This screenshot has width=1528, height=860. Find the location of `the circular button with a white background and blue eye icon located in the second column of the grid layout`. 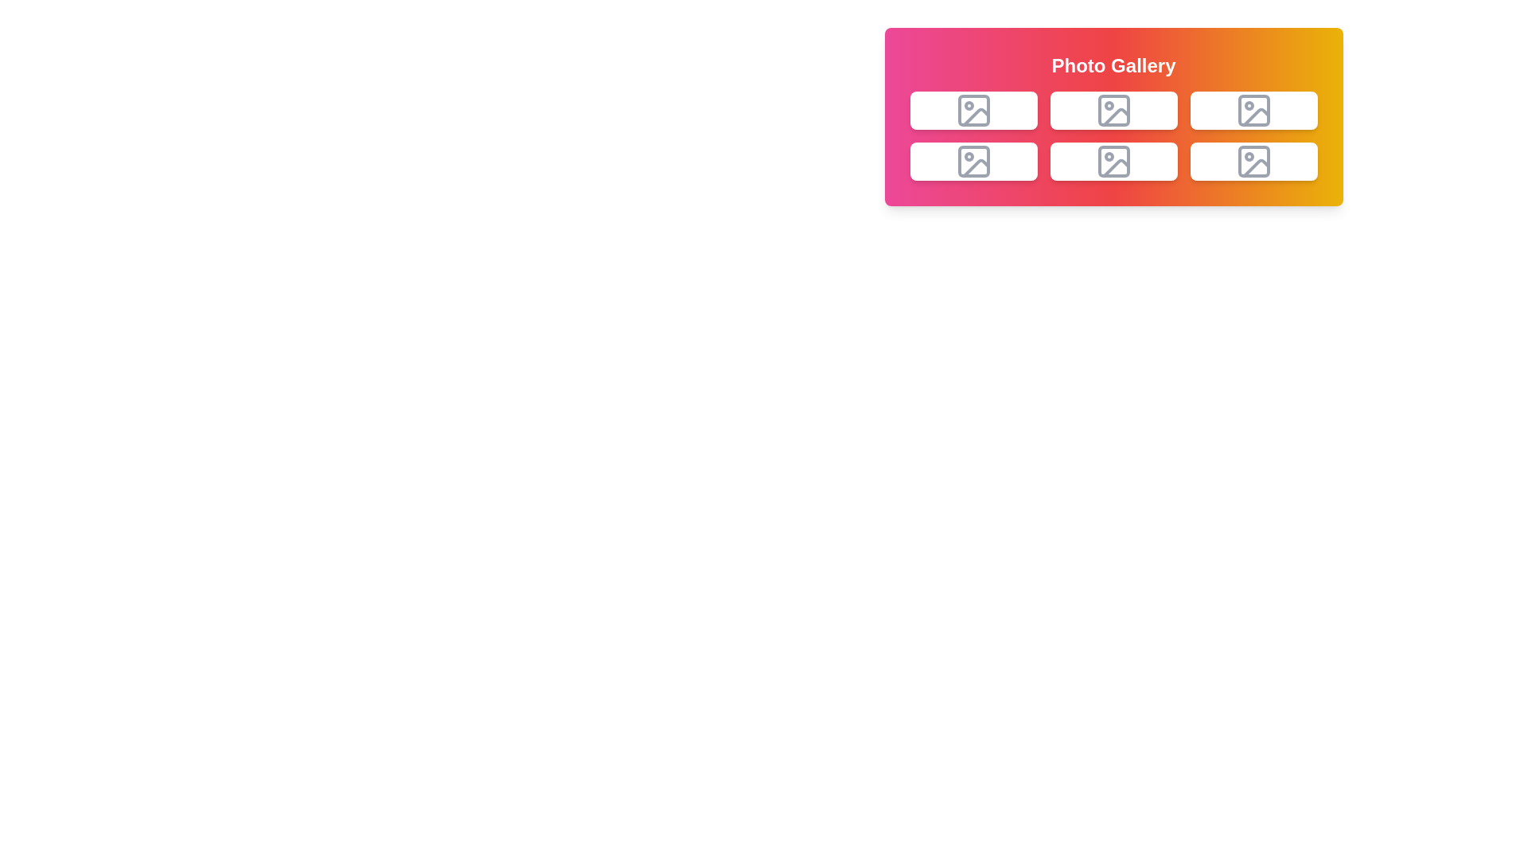

the circular button with a white background and blue eye icon located in the second column of the grid layout is located at coordinates (1232, 109).